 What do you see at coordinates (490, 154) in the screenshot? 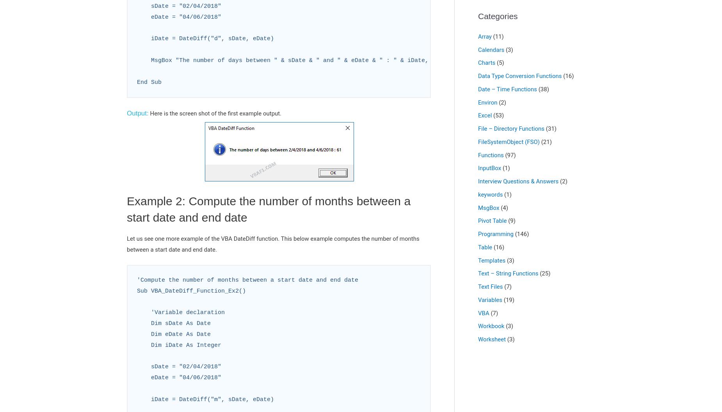
I see `'Functions'` at bounding box center [490, 154].